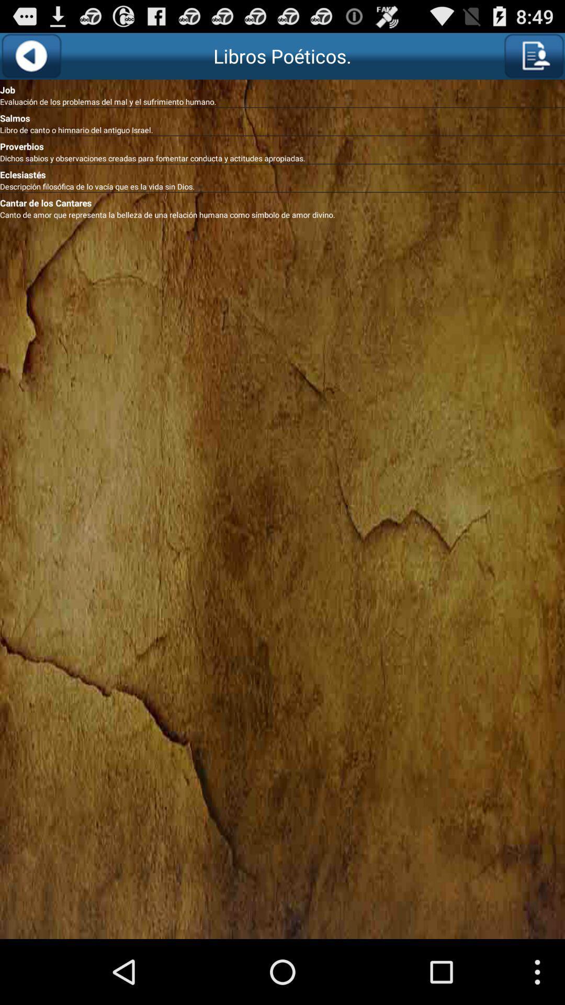 The height and width of the screenshot is (1005, 565). Describe the element at coordinates (282, 158) in the screenshot. I see `dichos sabios y app` at that location.